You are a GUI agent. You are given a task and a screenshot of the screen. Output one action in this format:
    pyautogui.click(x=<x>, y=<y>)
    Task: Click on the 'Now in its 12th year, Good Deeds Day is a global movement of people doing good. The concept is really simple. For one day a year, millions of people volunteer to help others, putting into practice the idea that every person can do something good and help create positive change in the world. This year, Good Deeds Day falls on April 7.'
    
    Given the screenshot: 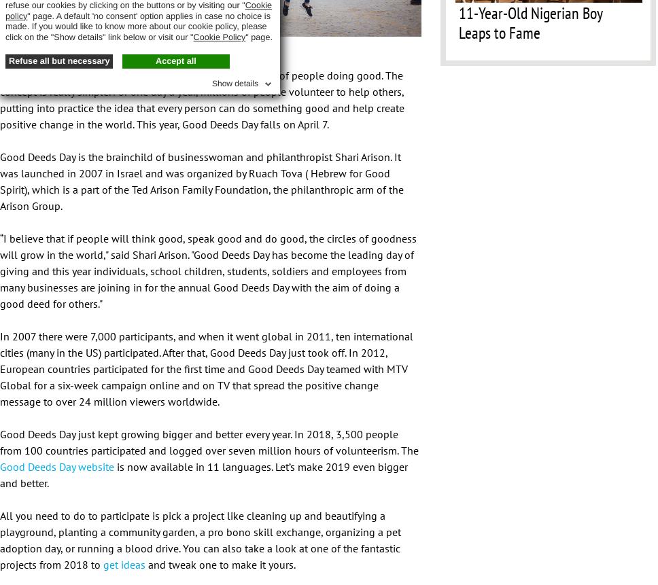 What is the action you would take?
    pyautogui.click(x=0, y=99)
    